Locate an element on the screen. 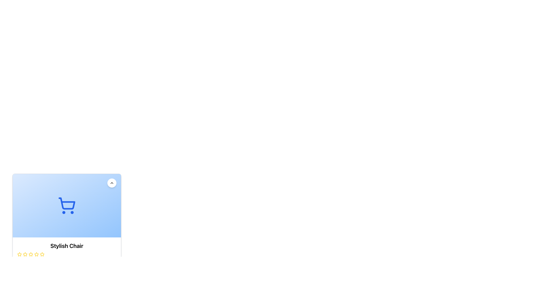 Image resolution: width=544 pixels, height=306 pixels. the fifth yellow star icon in the rating system below the title 'Stylish Chair' for interaction purposes is located at coordinates (31, 254).